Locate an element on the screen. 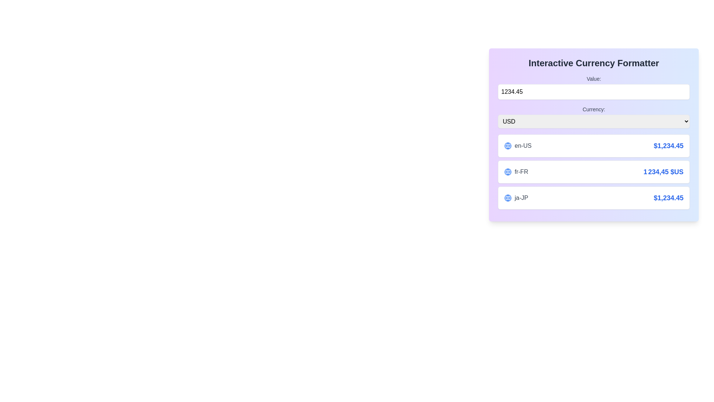  localized currency format displayed in the second list item, which is positioned between 'en-US $1,234.45' and 'ja-JP $1,234.45' is located at coordinates (594, 172).